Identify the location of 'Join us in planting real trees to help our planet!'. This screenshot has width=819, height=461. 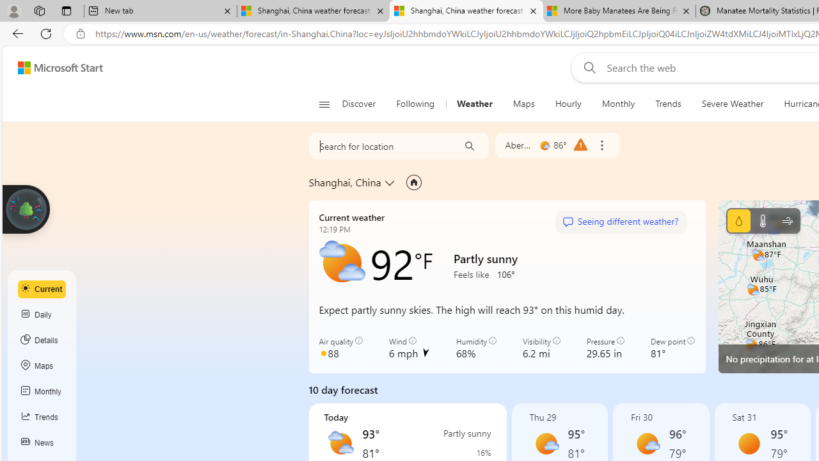
(26, 207).